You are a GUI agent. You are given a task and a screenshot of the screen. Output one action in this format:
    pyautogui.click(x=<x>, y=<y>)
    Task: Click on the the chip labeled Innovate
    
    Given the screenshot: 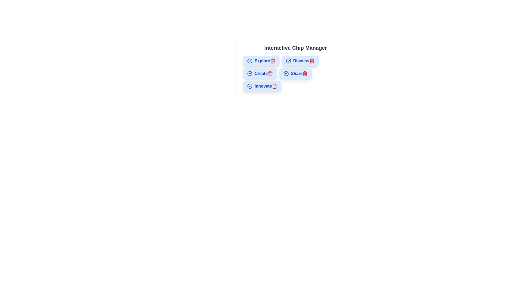 What is the action you would take?
    pyautogui.click(x=262, y=86)
    